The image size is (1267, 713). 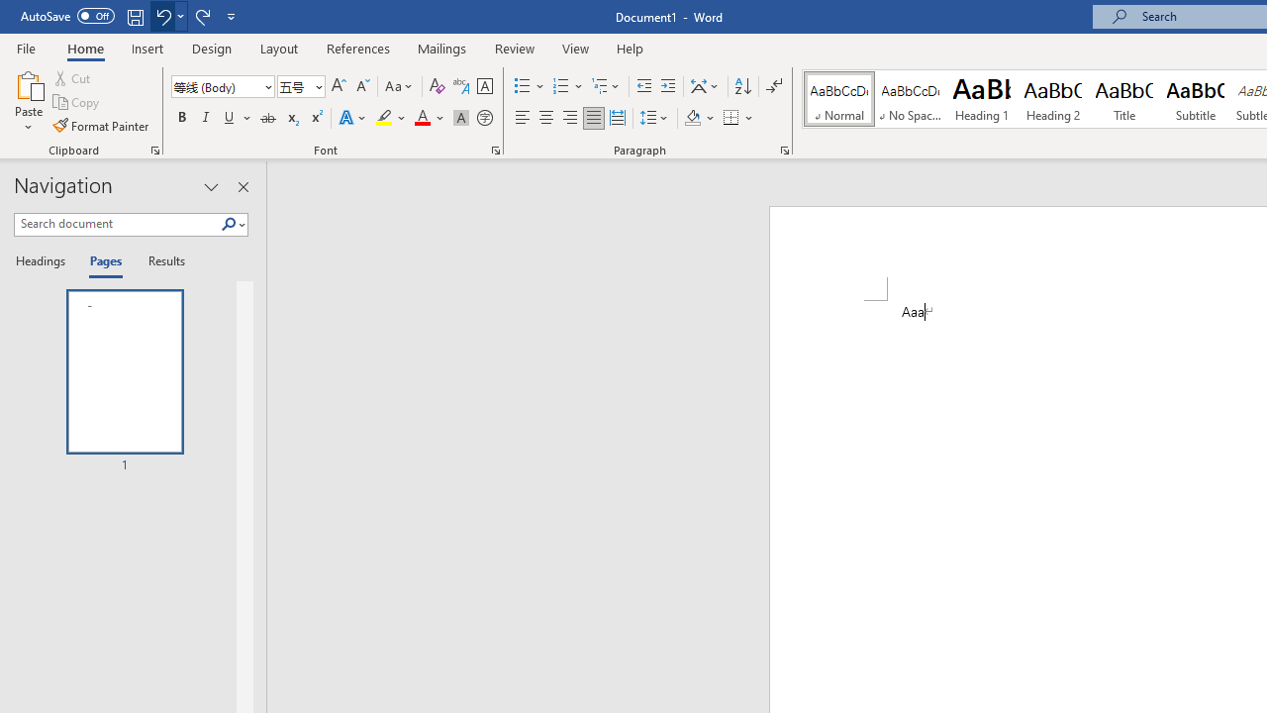 I want to click on 'Close pane', so click(x=243, y=187).